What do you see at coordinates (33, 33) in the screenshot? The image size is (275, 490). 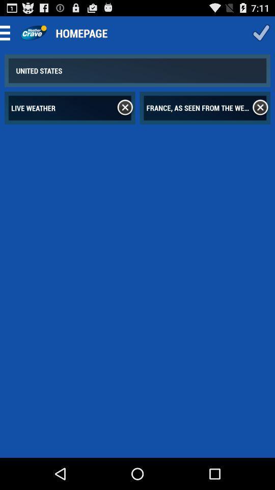 I see `homepage` at bounding box center [33, 33].